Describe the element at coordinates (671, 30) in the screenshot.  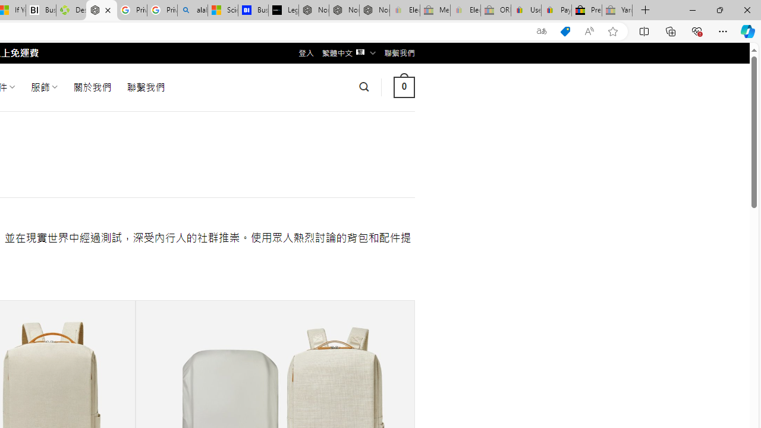
I see `'Collections'` at that location.